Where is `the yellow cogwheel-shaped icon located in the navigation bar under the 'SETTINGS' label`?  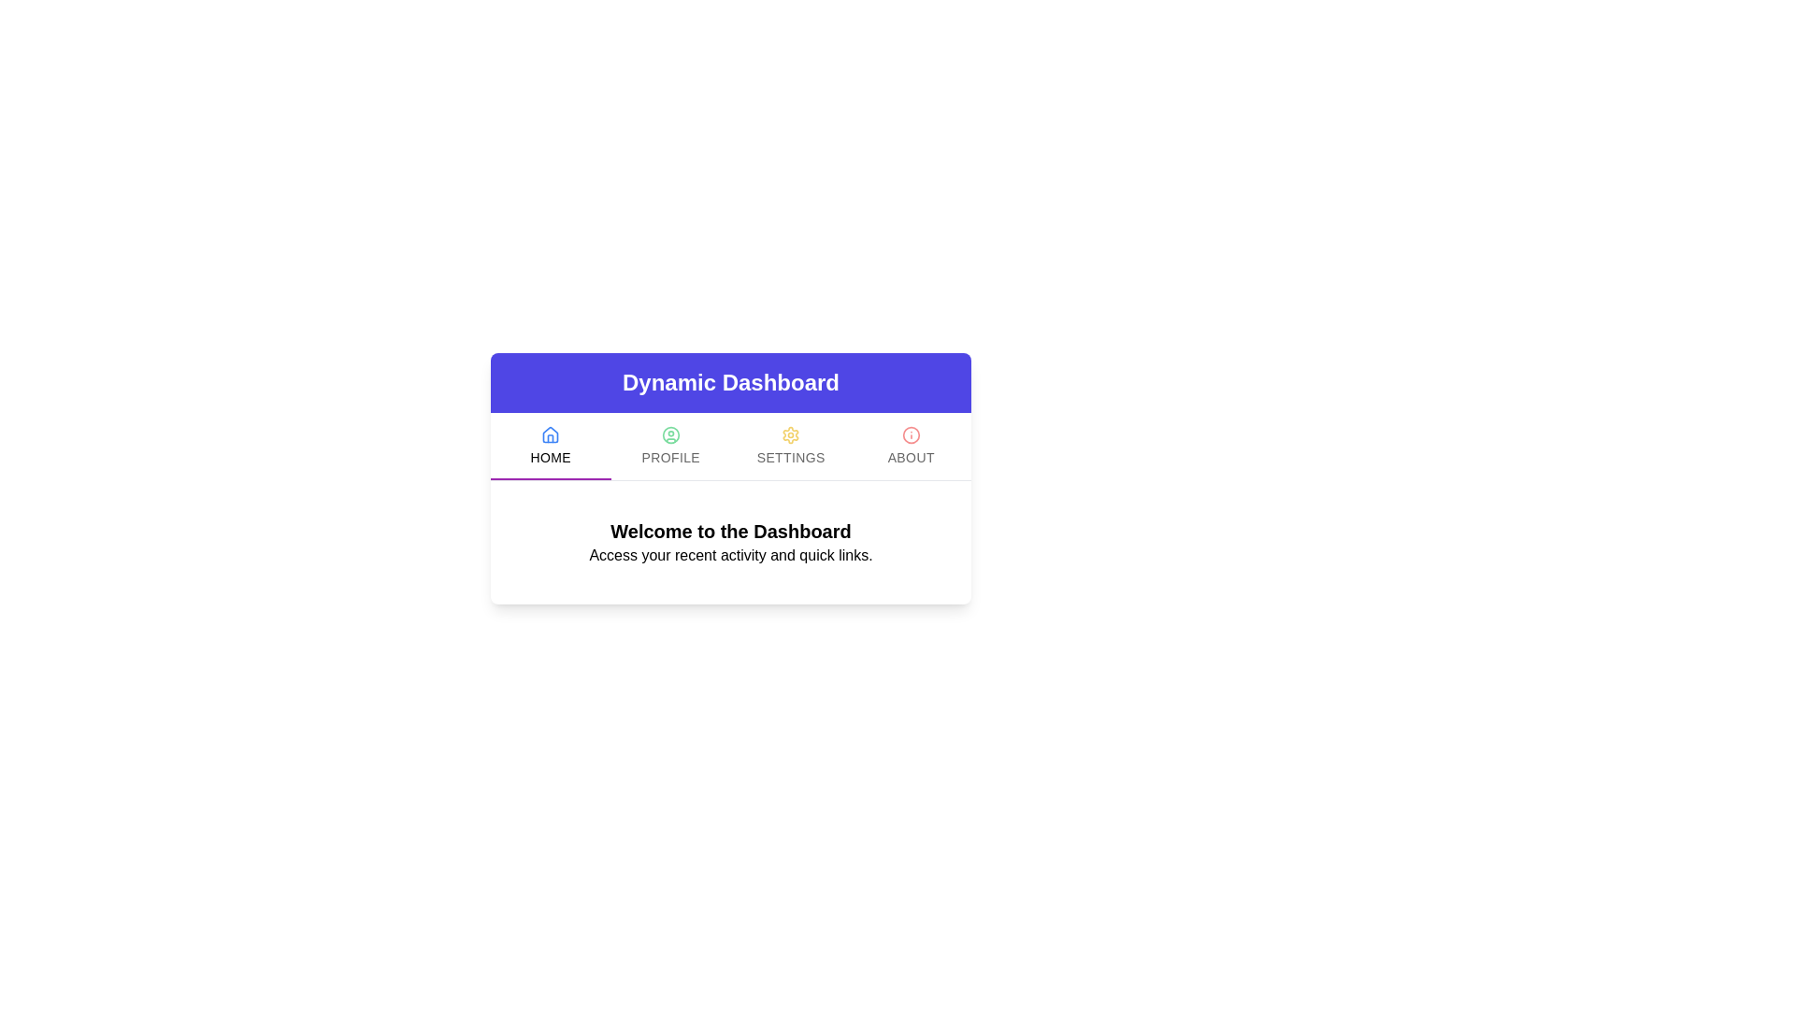 the yellow cogwheel-shaped icon located in the navigation bar under the 'SETTINGS' label is located at coordinates (791, 435).